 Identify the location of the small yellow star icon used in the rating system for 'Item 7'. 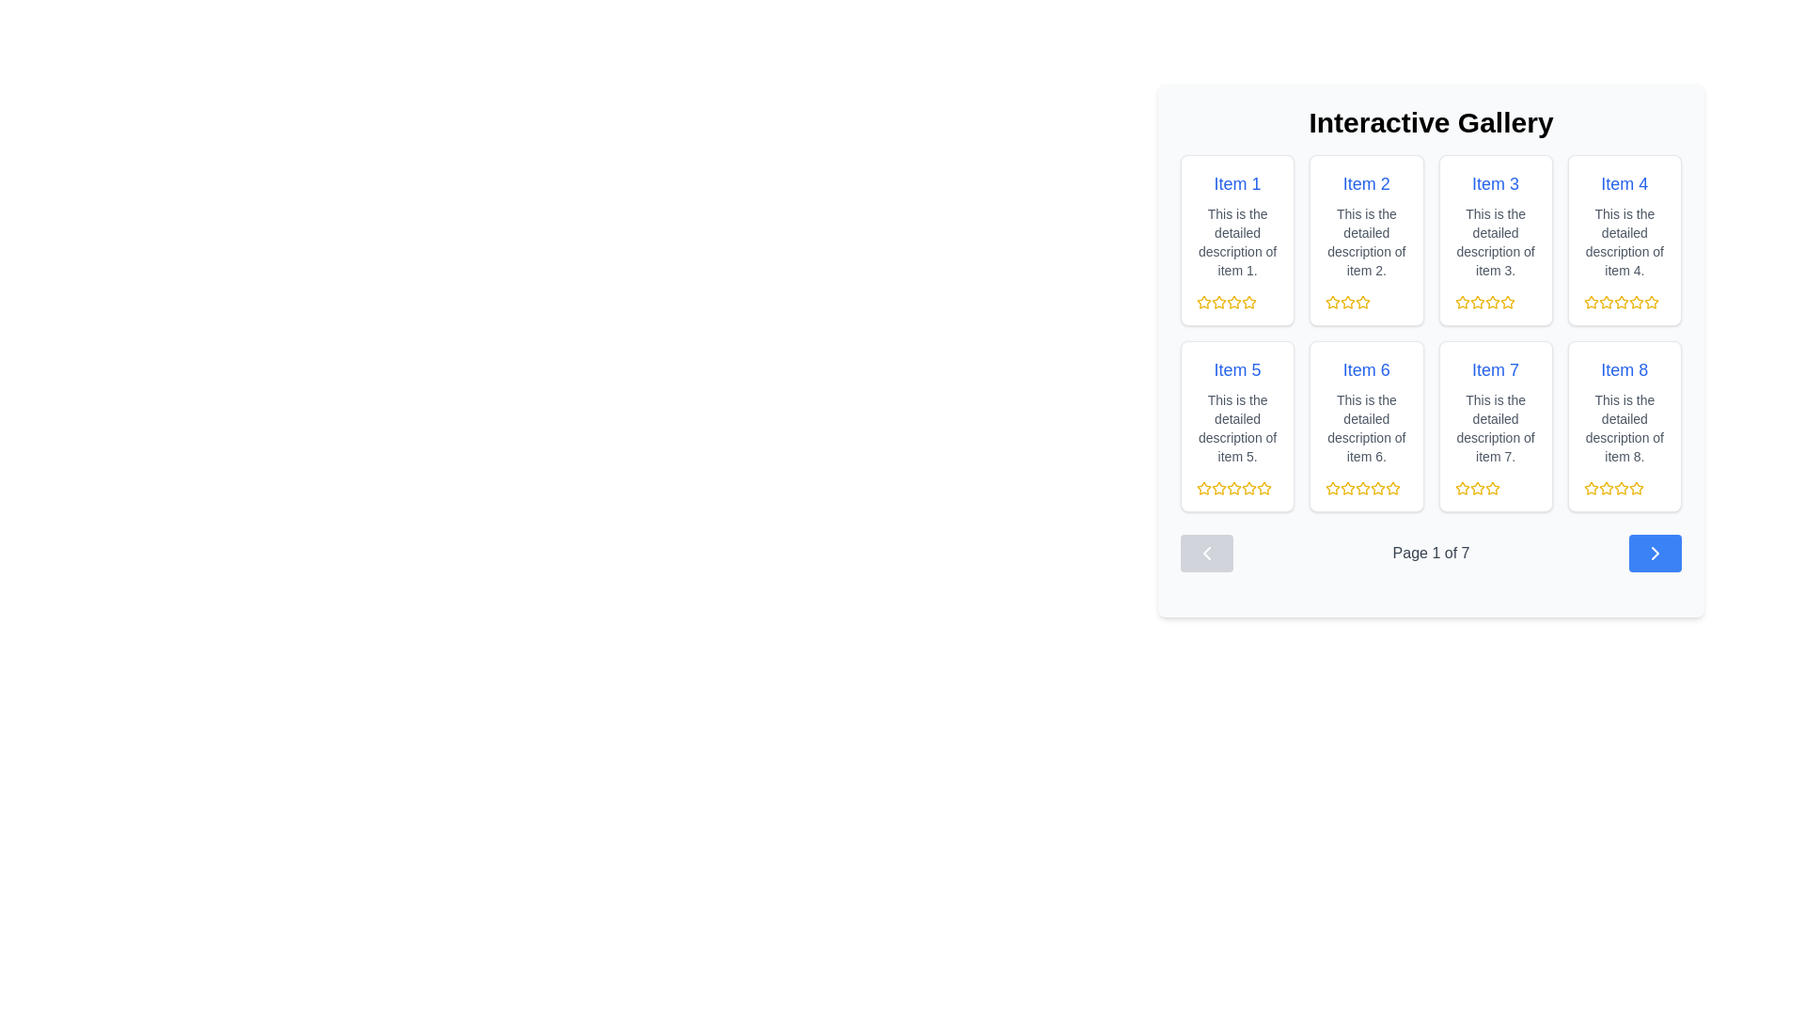
(1461, 488).